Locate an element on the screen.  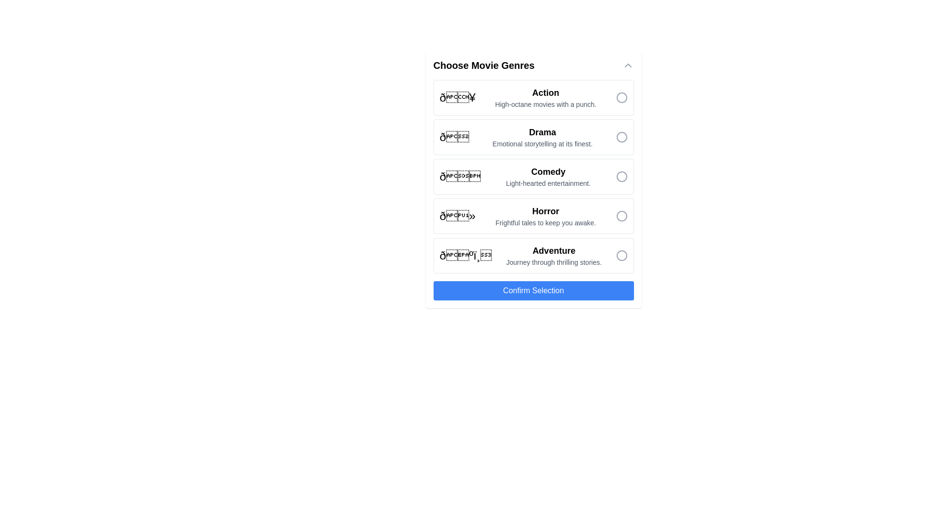
the third row selectable list item with a radio button for the 'Comedy' genre under the title 'Choose Movie Genres' is located at coordinates (533, 180).